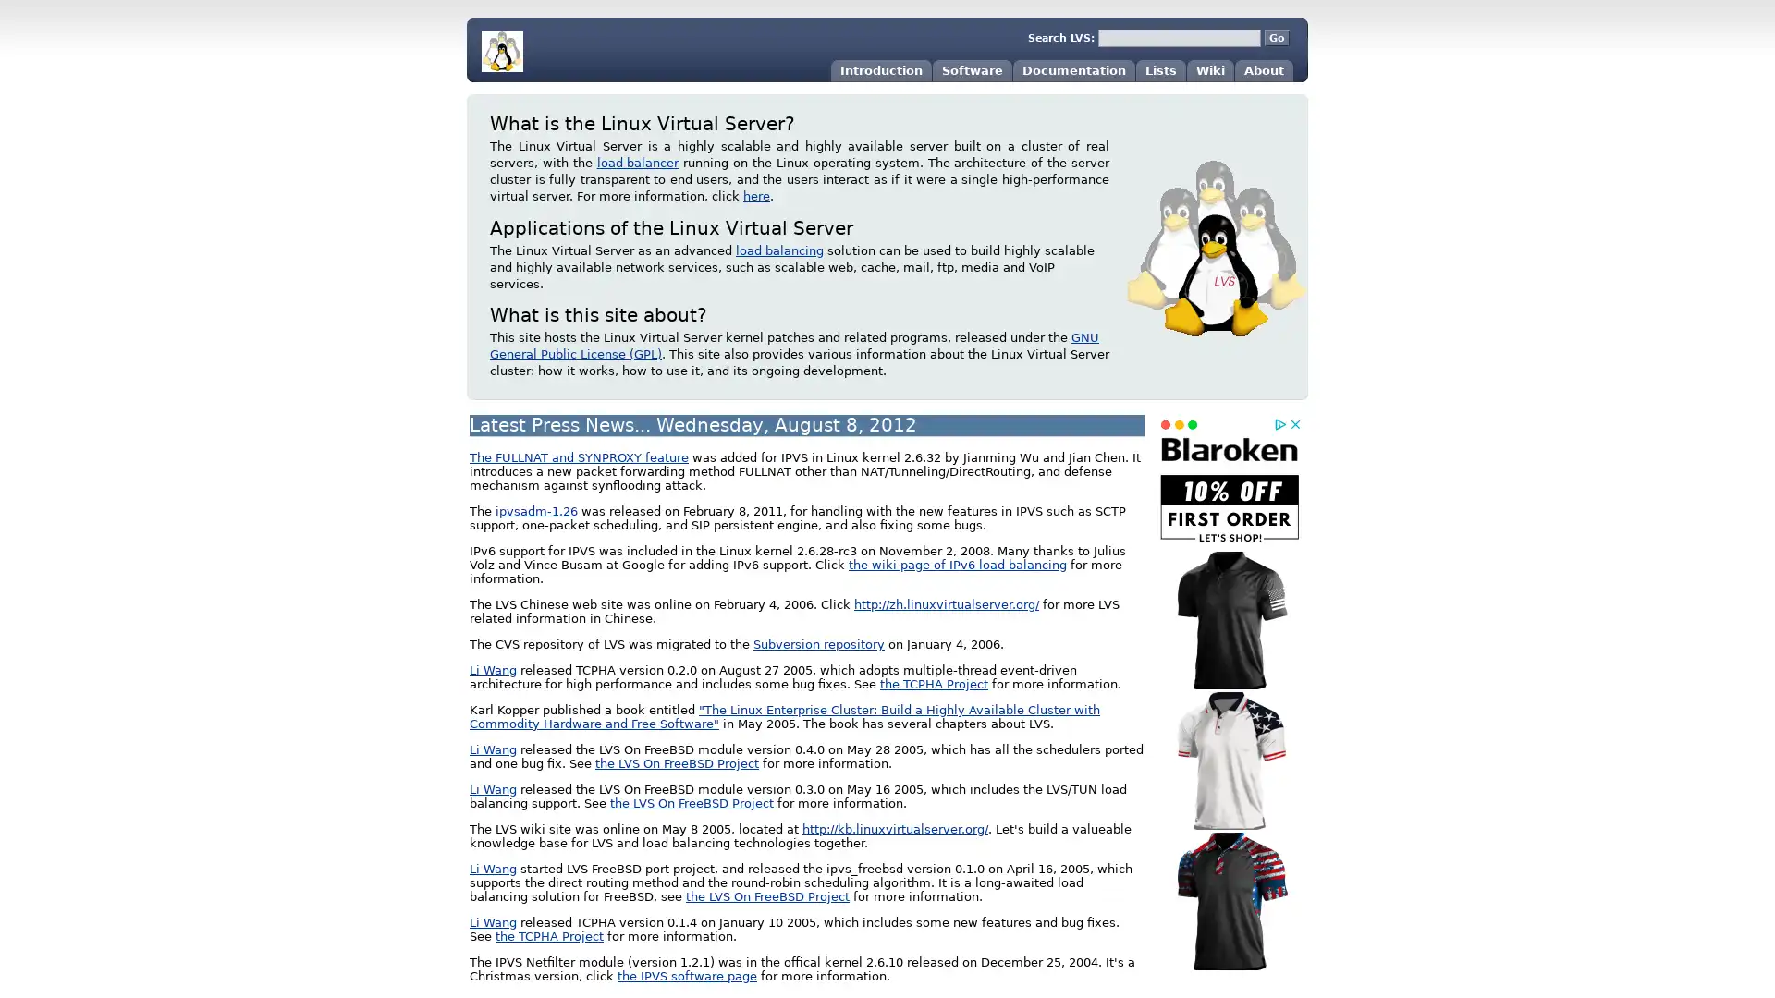 This screenshot has height=998, width=1775. What do you see at coordinates (1276, 38) in the screenshot?
I see `Go` at bounding box center [1276, 38].